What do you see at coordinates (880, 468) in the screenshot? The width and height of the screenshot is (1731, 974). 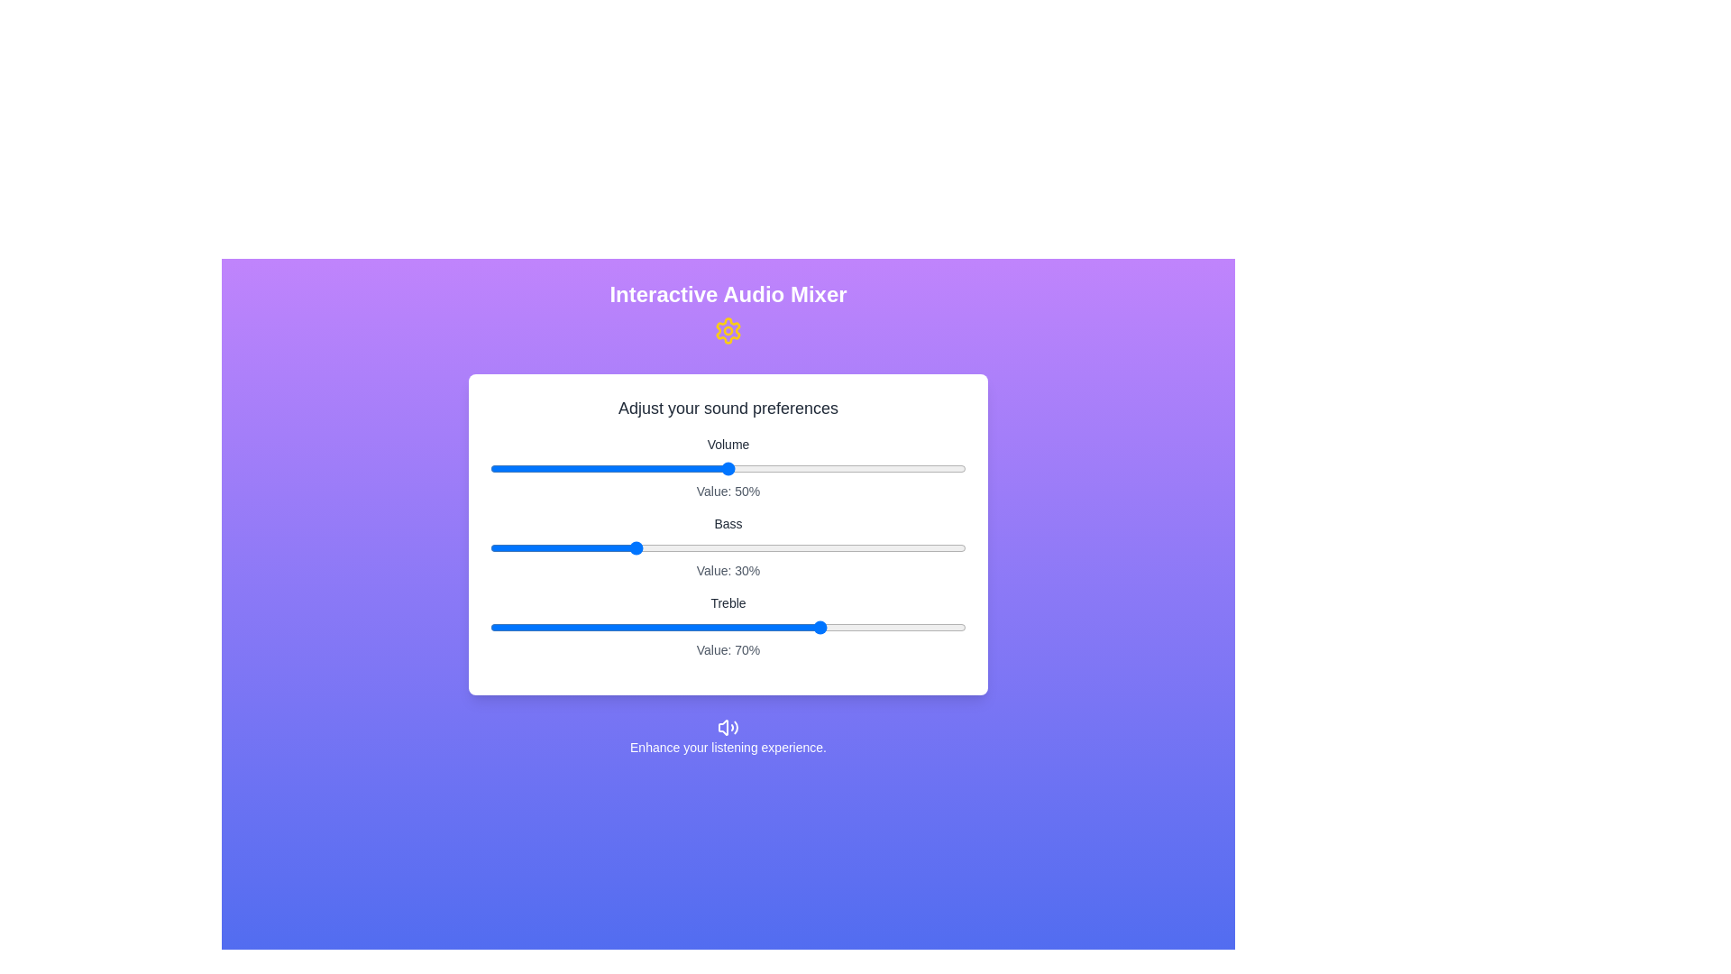 I see `the slider for 0 to 82%` at bounding box center [880, 468].